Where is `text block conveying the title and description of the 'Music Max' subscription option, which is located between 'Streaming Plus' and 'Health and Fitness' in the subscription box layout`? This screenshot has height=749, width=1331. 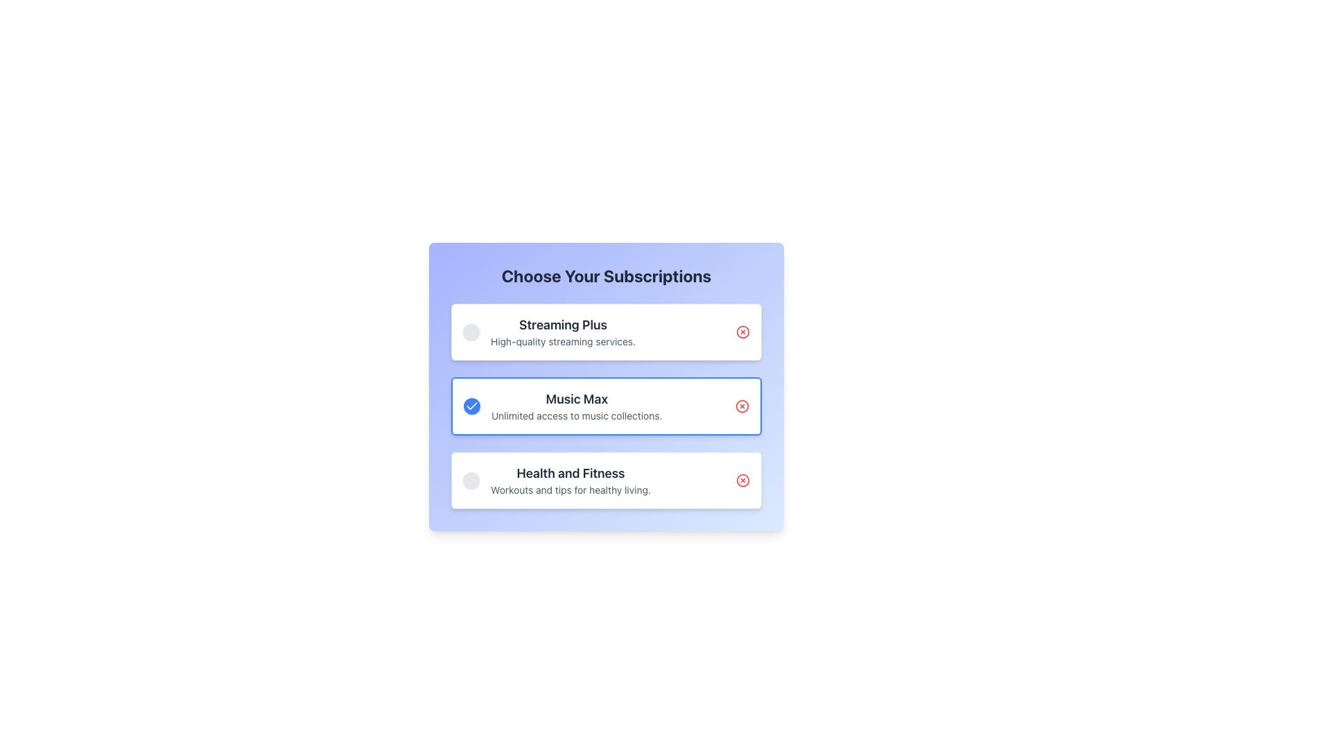 text block conveying the title and description of the 'Music Max' subscription option, which is located between 'Streaming Plus' and 'Health and Fitness' in the subscription box layout is located at coordinates (577, 406).